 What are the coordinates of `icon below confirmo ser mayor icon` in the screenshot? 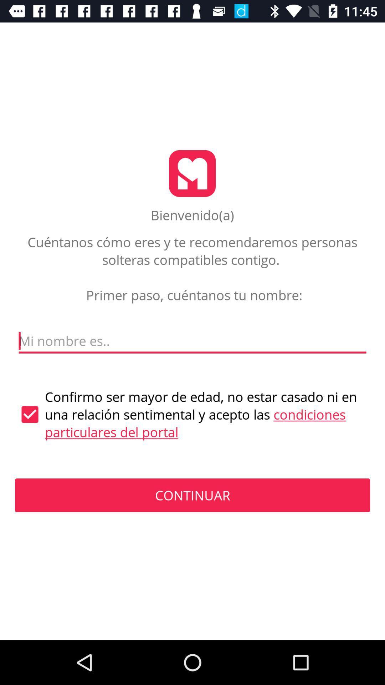 It's located at (192, 495).